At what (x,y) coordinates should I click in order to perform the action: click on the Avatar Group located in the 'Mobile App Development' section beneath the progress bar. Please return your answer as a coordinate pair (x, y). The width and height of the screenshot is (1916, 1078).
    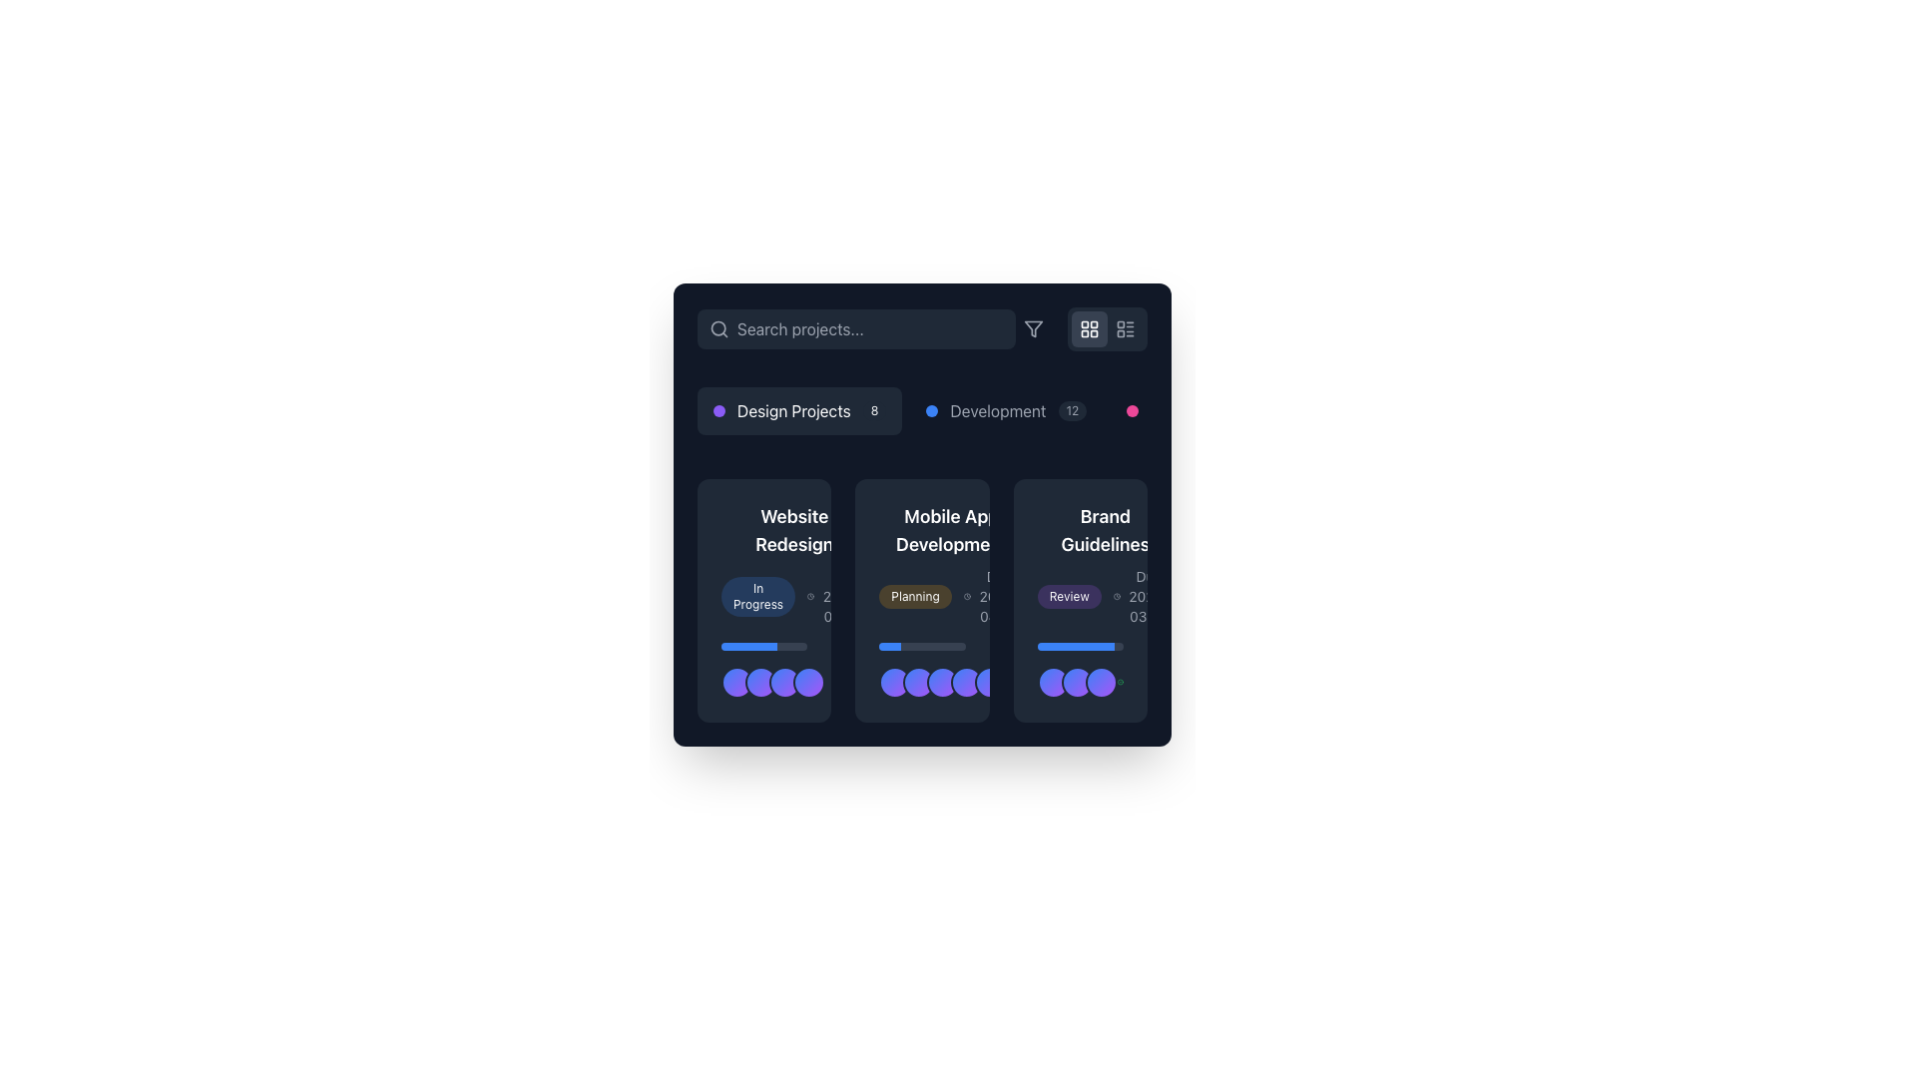
    Looking at the image, I should click on (921, 670).